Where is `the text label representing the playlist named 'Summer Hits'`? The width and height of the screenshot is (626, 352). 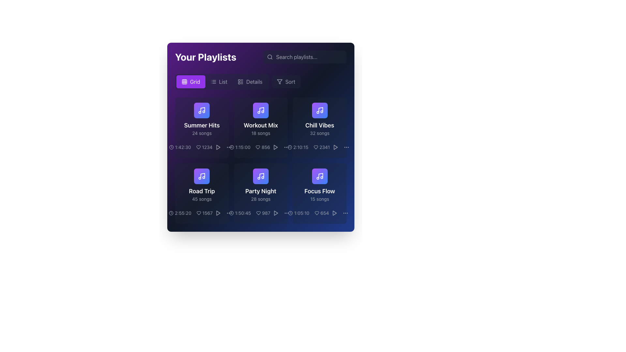 the text label representing the playlist named 'Summer Hits' is located at coordinates (201, 125).